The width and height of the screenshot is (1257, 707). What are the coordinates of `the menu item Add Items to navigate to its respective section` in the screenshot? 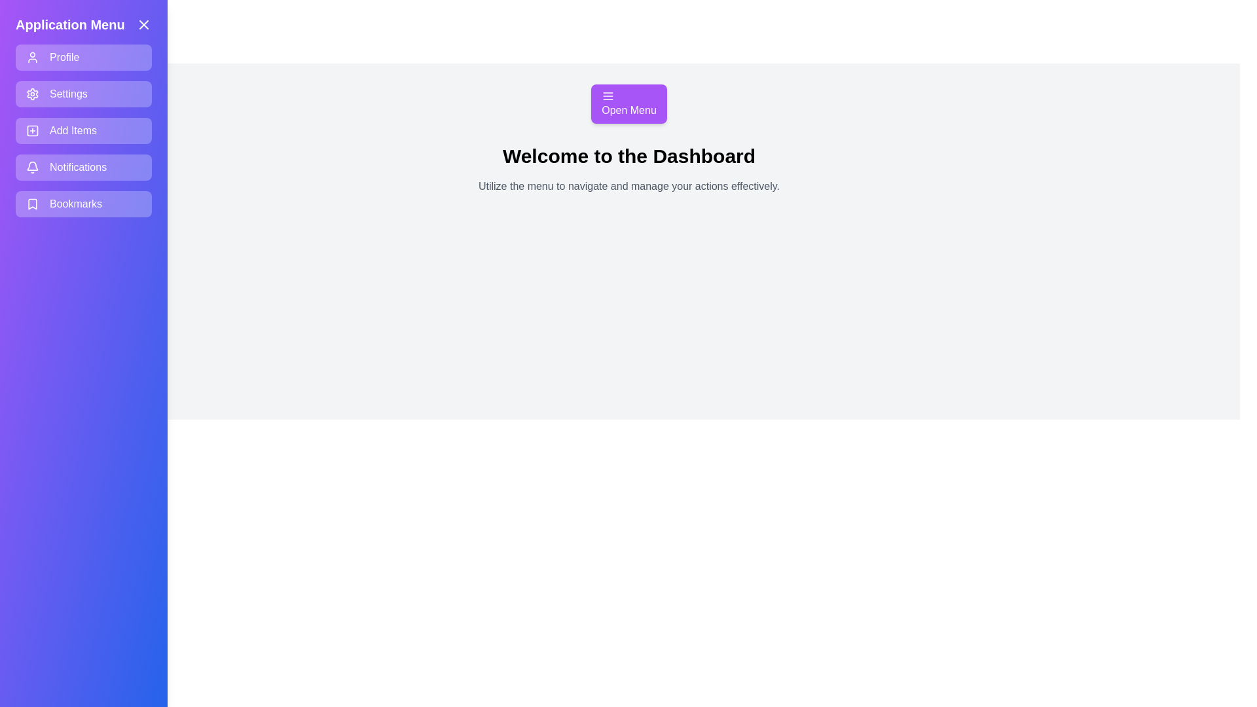 It's located at (83, 131).